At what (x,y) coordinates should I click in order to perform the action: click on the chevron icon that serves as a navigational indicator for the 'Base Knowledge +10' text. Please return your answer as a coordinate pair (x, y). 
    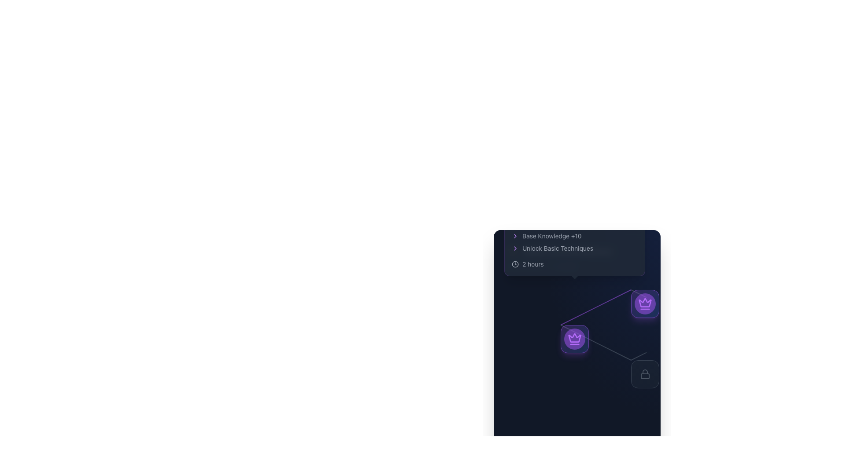
    Looking at the image, I should click on (515, 235).